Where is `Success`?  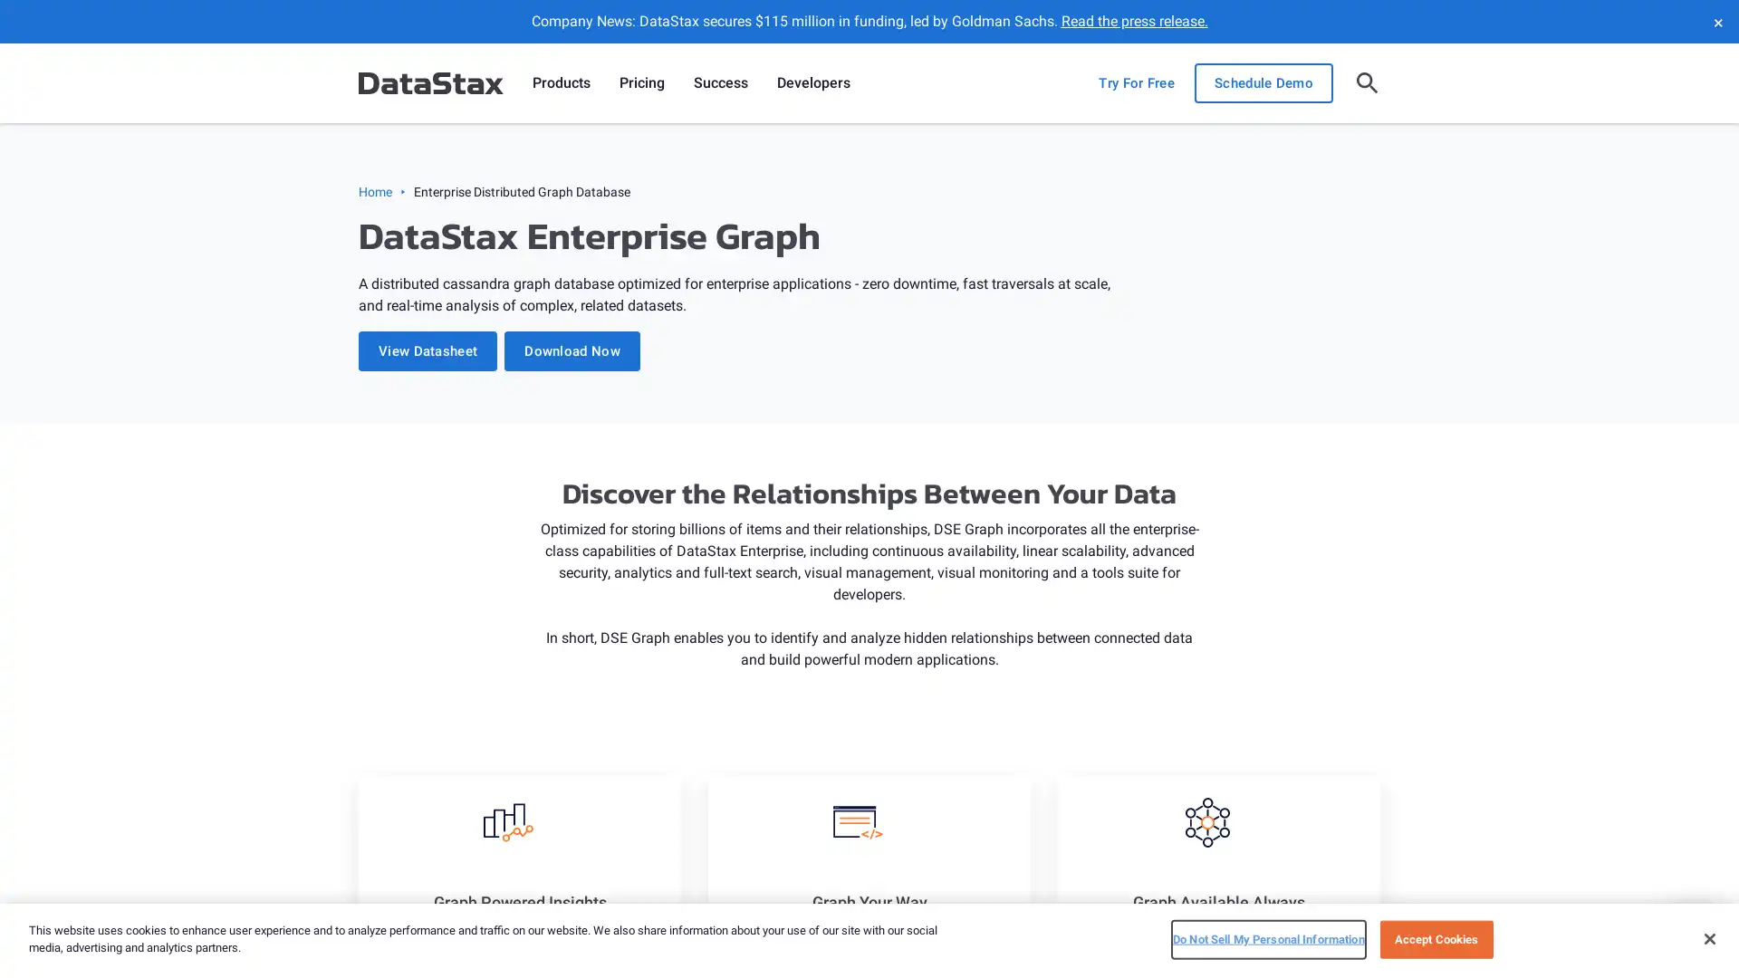
Success is located at coordinates (720, 83).